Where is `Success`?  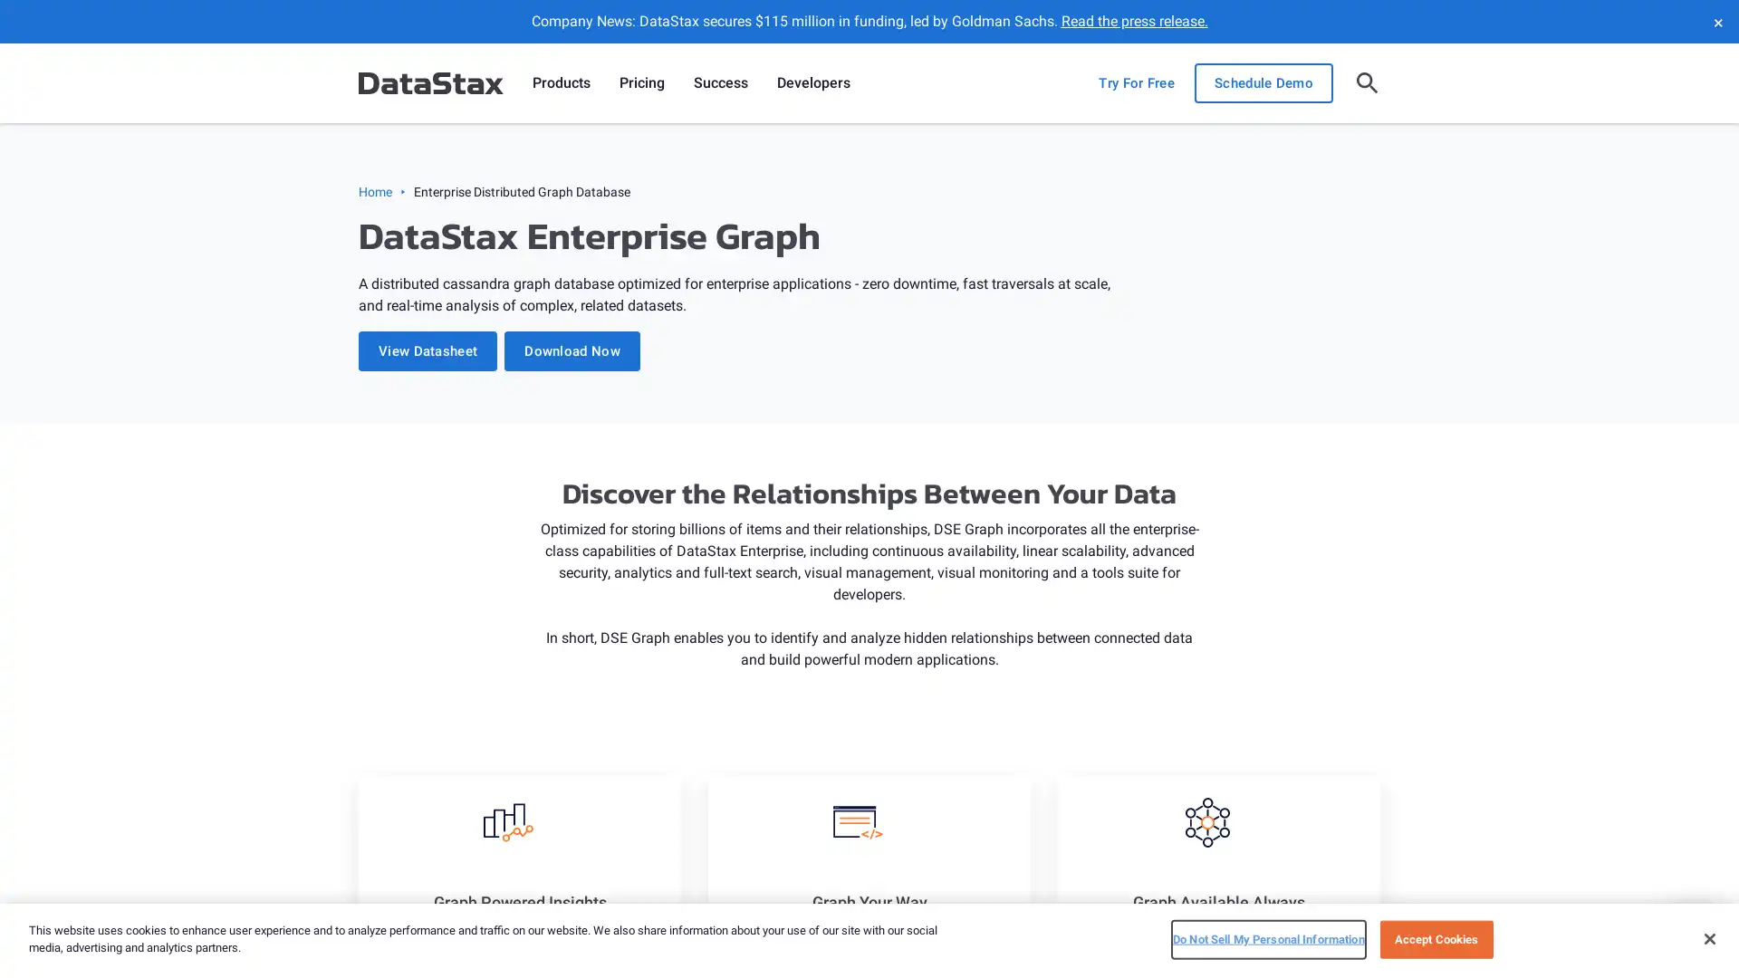
Success is located at coordinates (720, 83).